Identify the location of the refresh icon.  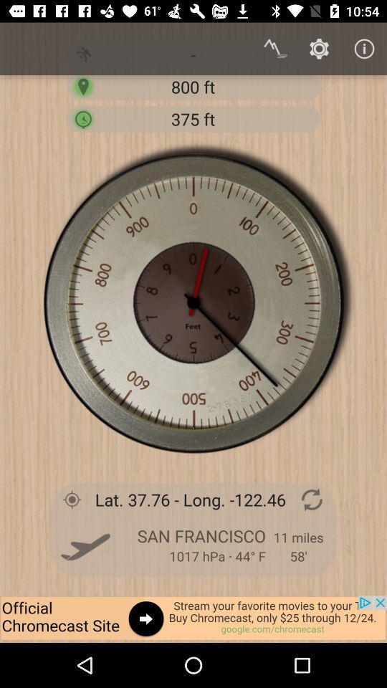
(311, 500).